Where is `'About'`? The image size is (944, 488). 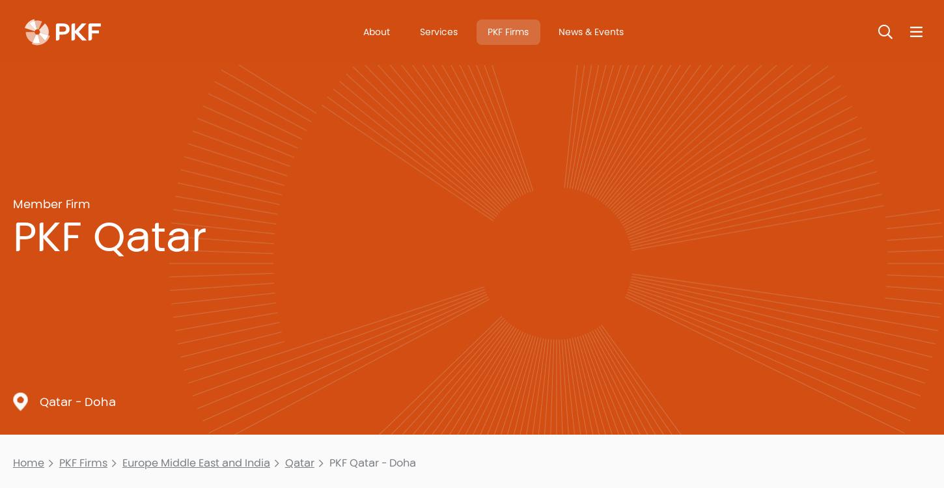
'About' is located at coordinates (376, 31).